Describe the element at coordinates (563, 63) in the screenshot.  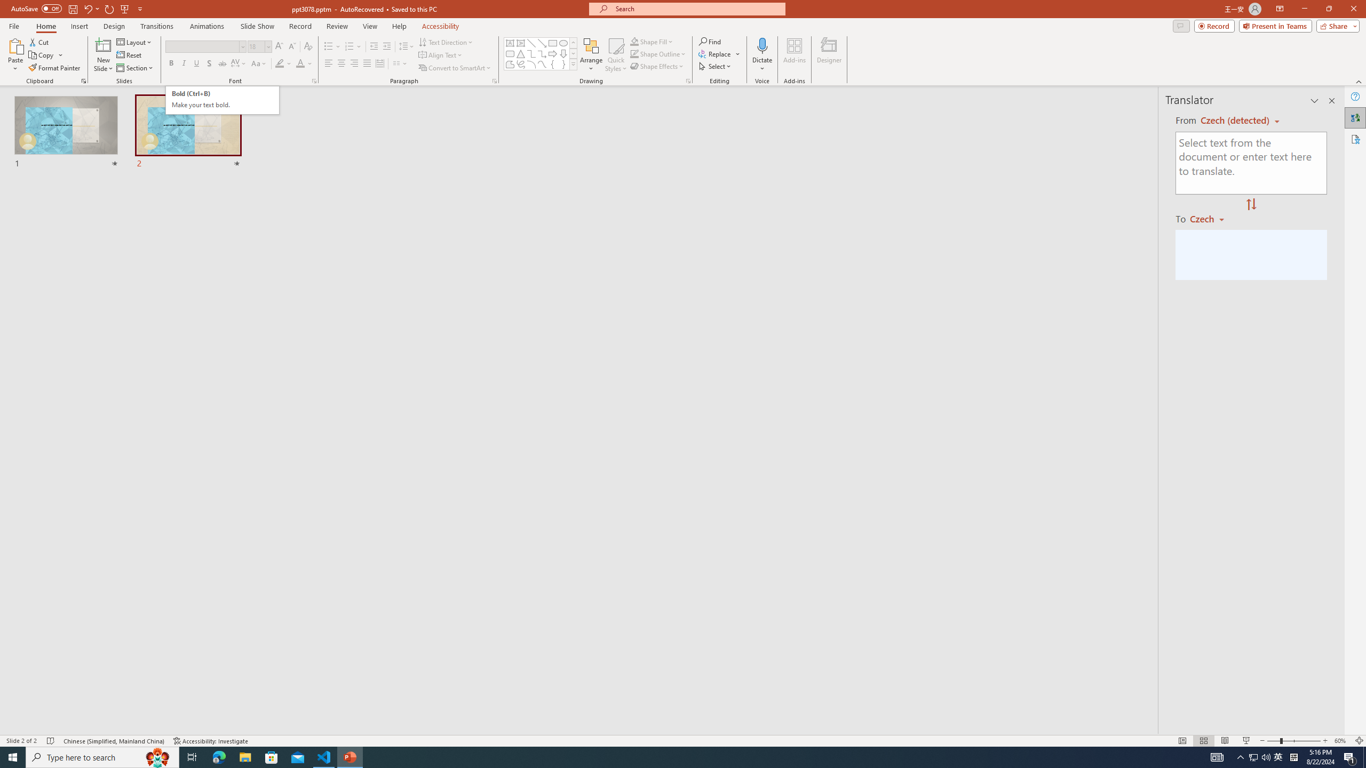
I see `'Right Brace'` at that location.